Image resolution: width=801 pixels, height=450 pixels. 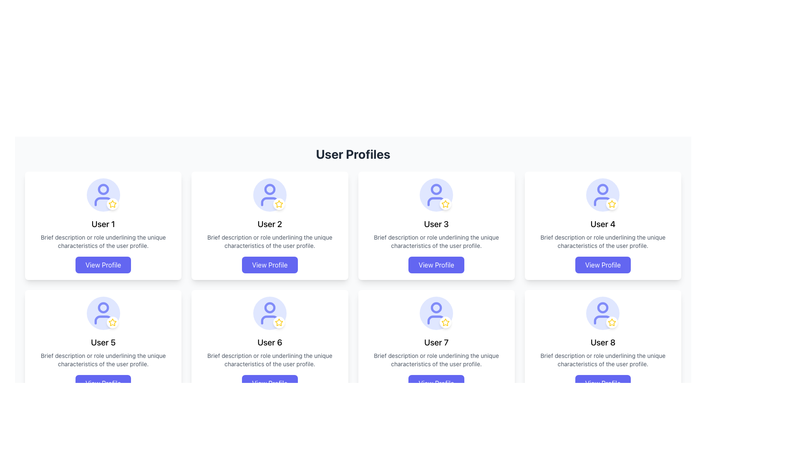 What do you see at coordinates (270, 195) in the screenshot?
I see `the decorative SVG image representing the user profile symbol within the 'User 2' profile card, located in the second column of the first row of the grid` at bounding box center [270, 195].